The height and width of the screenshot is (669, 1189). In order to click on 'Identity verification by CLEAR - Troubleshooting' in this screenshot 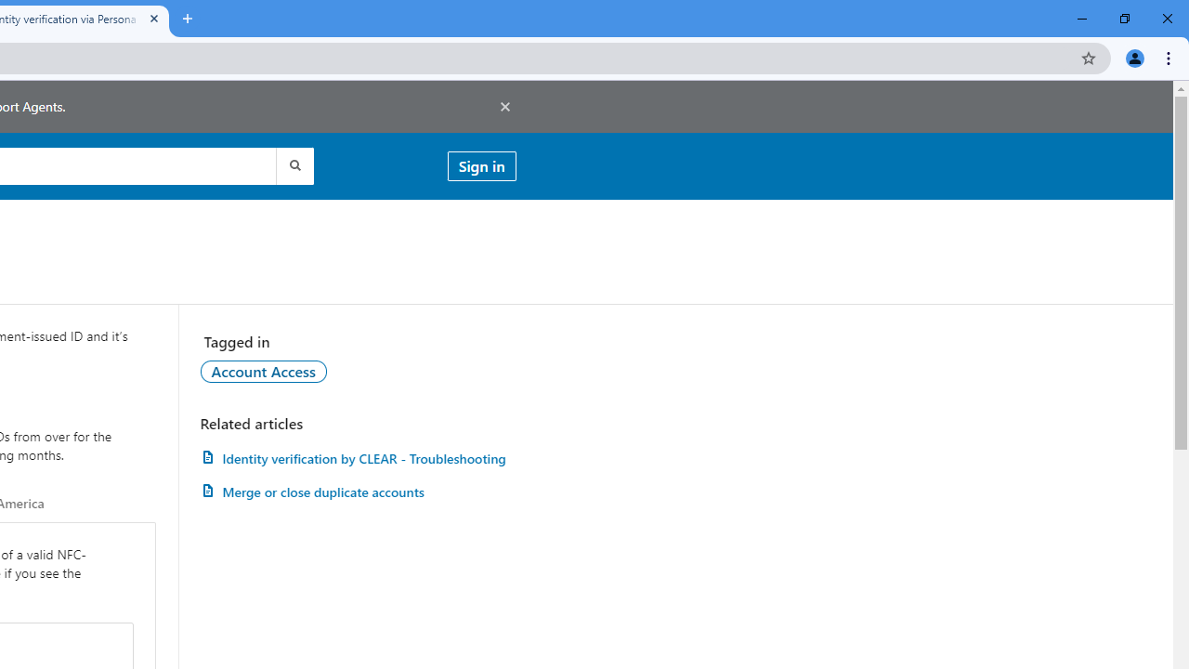, I will do `click(358, 458)`.